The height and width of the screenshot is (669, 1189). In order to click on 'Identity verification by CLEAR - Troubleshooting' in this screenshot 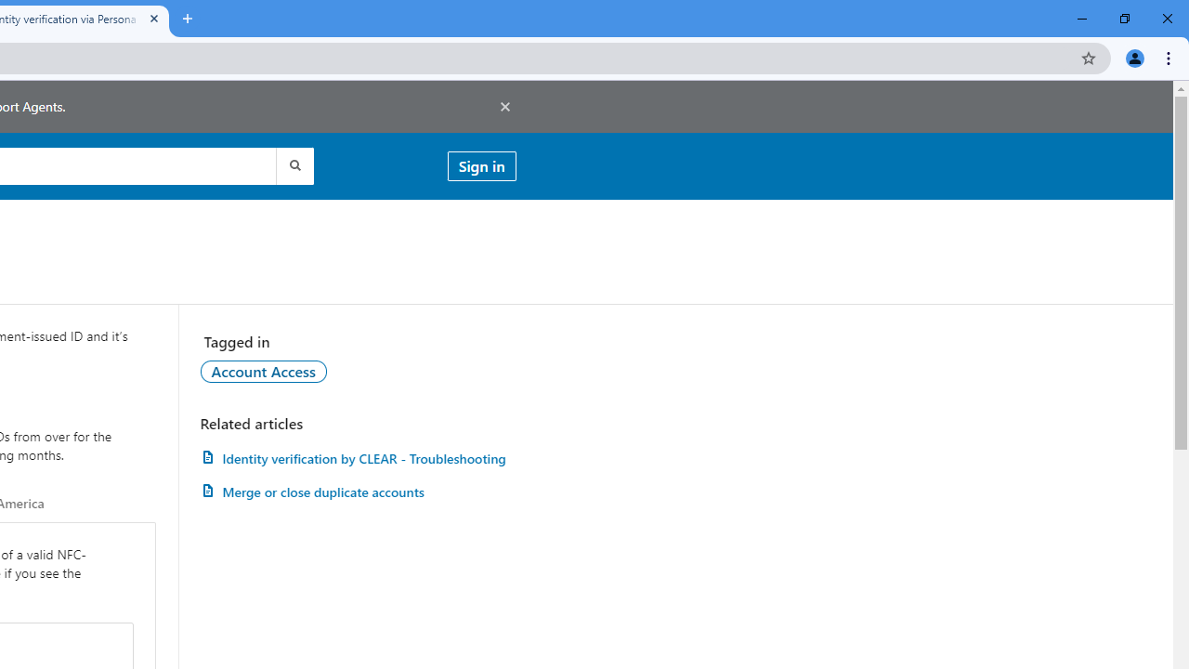, I will do `click(358, 458)`.